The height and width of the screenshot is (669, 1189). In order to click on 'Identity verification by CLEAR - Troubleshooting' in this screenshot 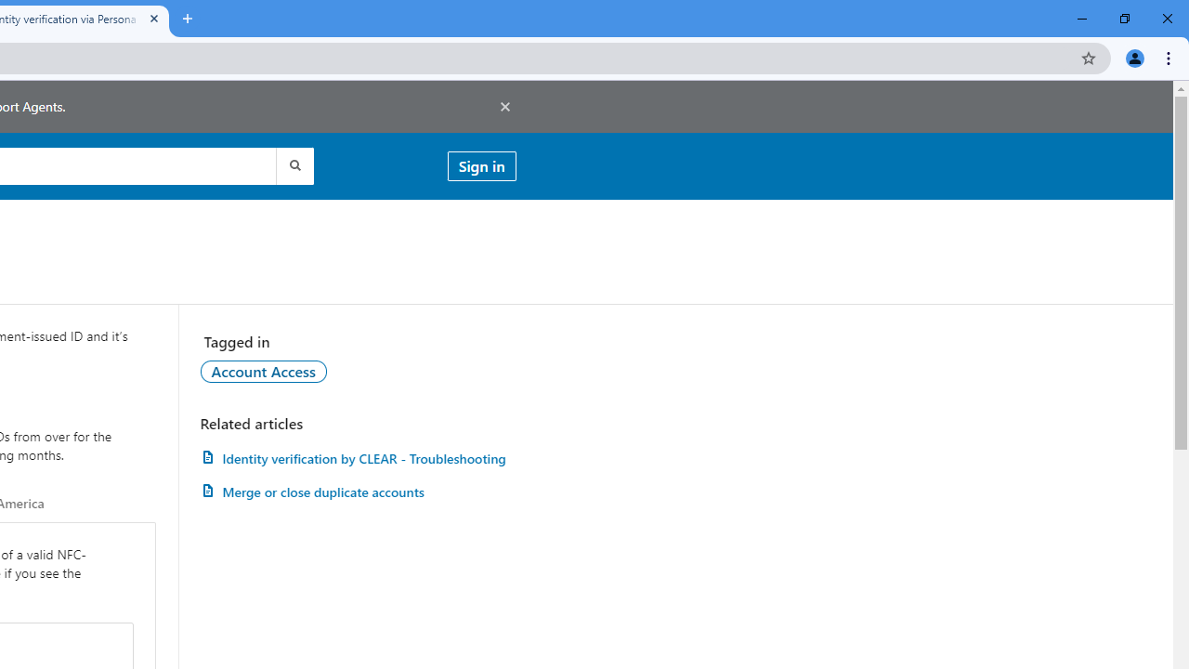, I will do `click(358, 458)`.